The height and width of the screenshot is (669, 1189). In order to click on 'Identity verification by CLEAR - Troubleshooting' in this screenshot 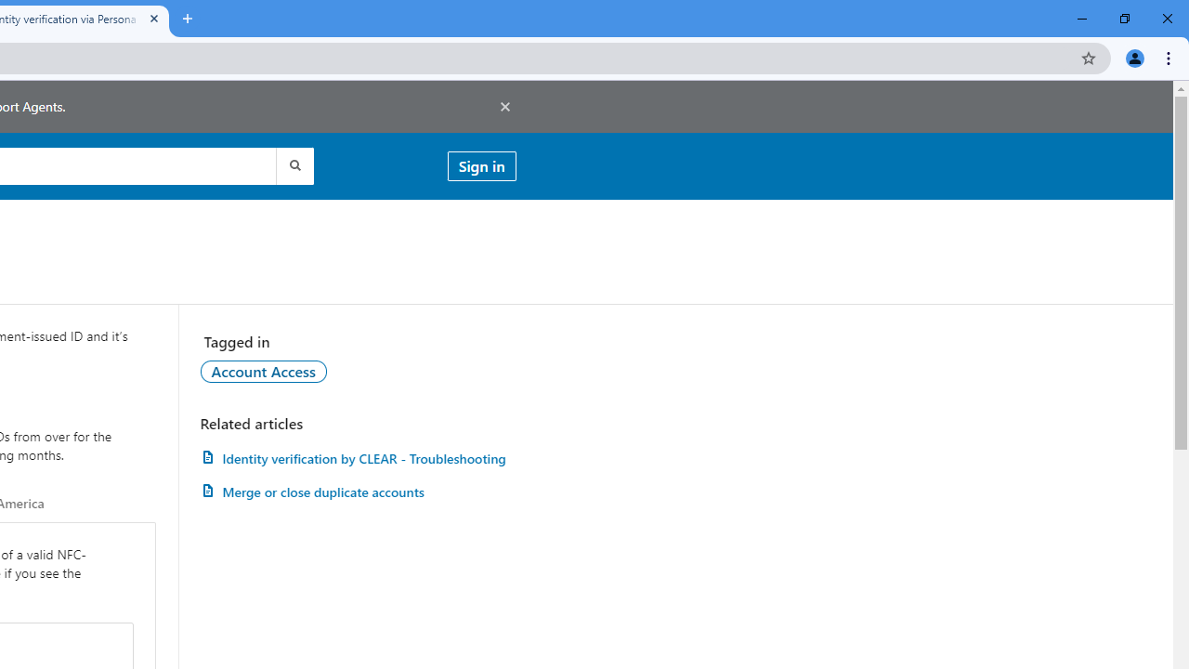, I will do `click(358, 458)`.